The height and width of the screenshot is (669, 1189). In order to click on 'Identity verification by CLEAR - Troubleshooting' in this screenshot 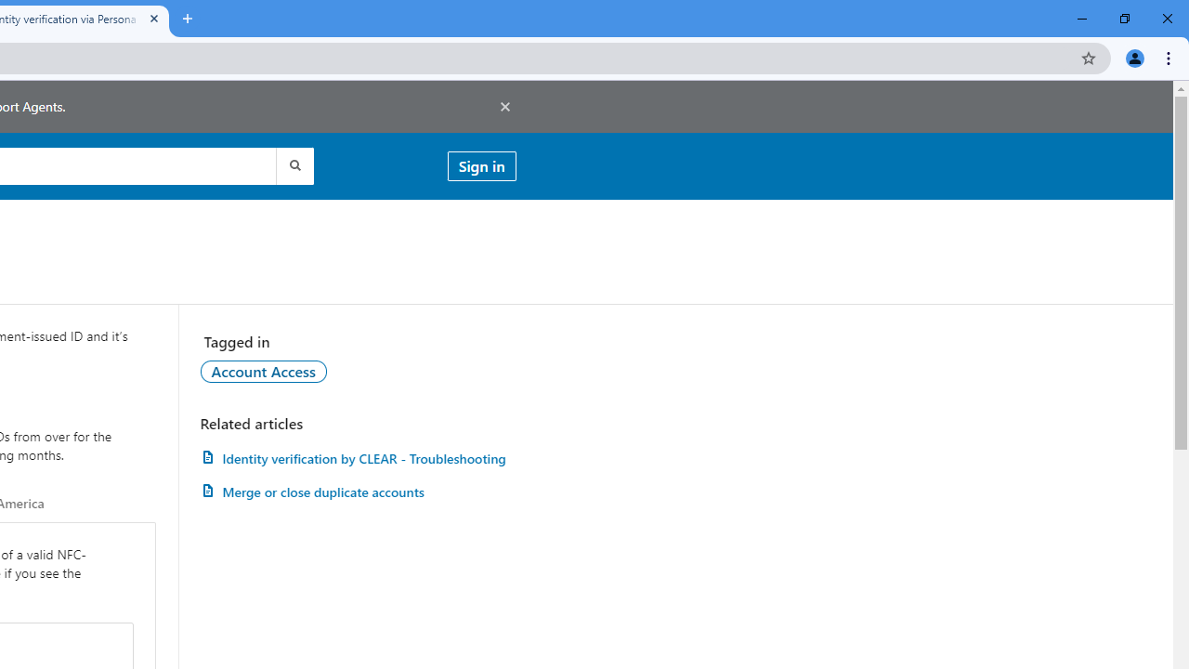, I will do `click(358, 458)`.